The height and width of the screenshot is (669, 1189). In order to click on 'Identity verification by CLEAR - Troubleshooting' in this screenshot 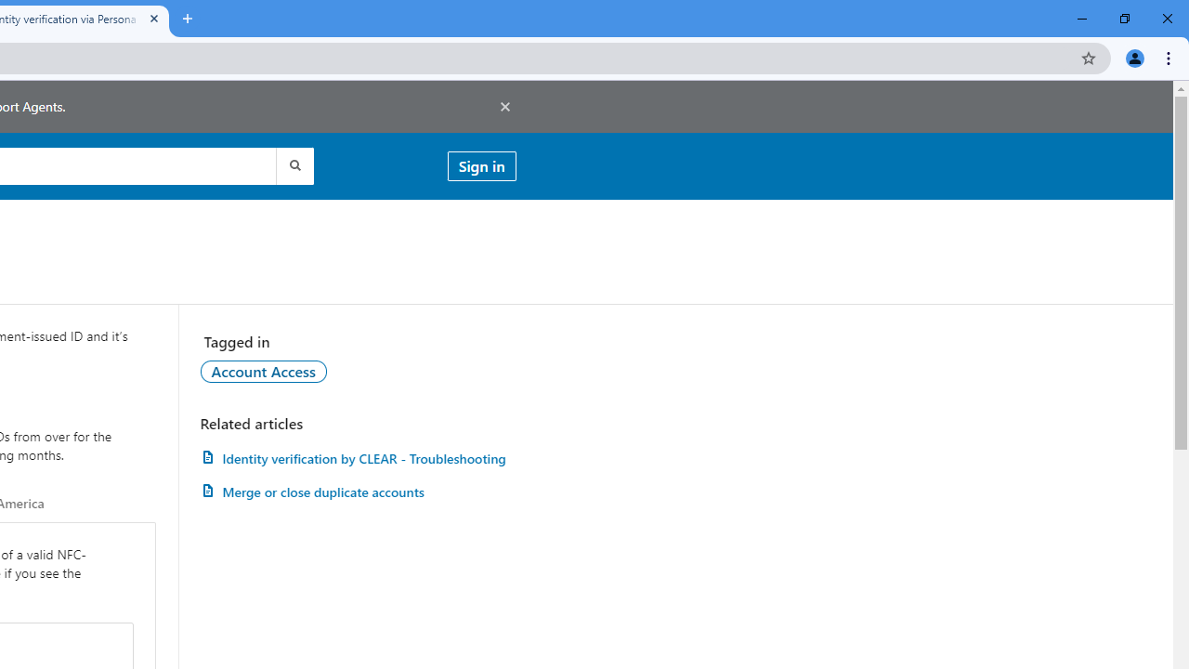, I will do `click(358, 458)`.